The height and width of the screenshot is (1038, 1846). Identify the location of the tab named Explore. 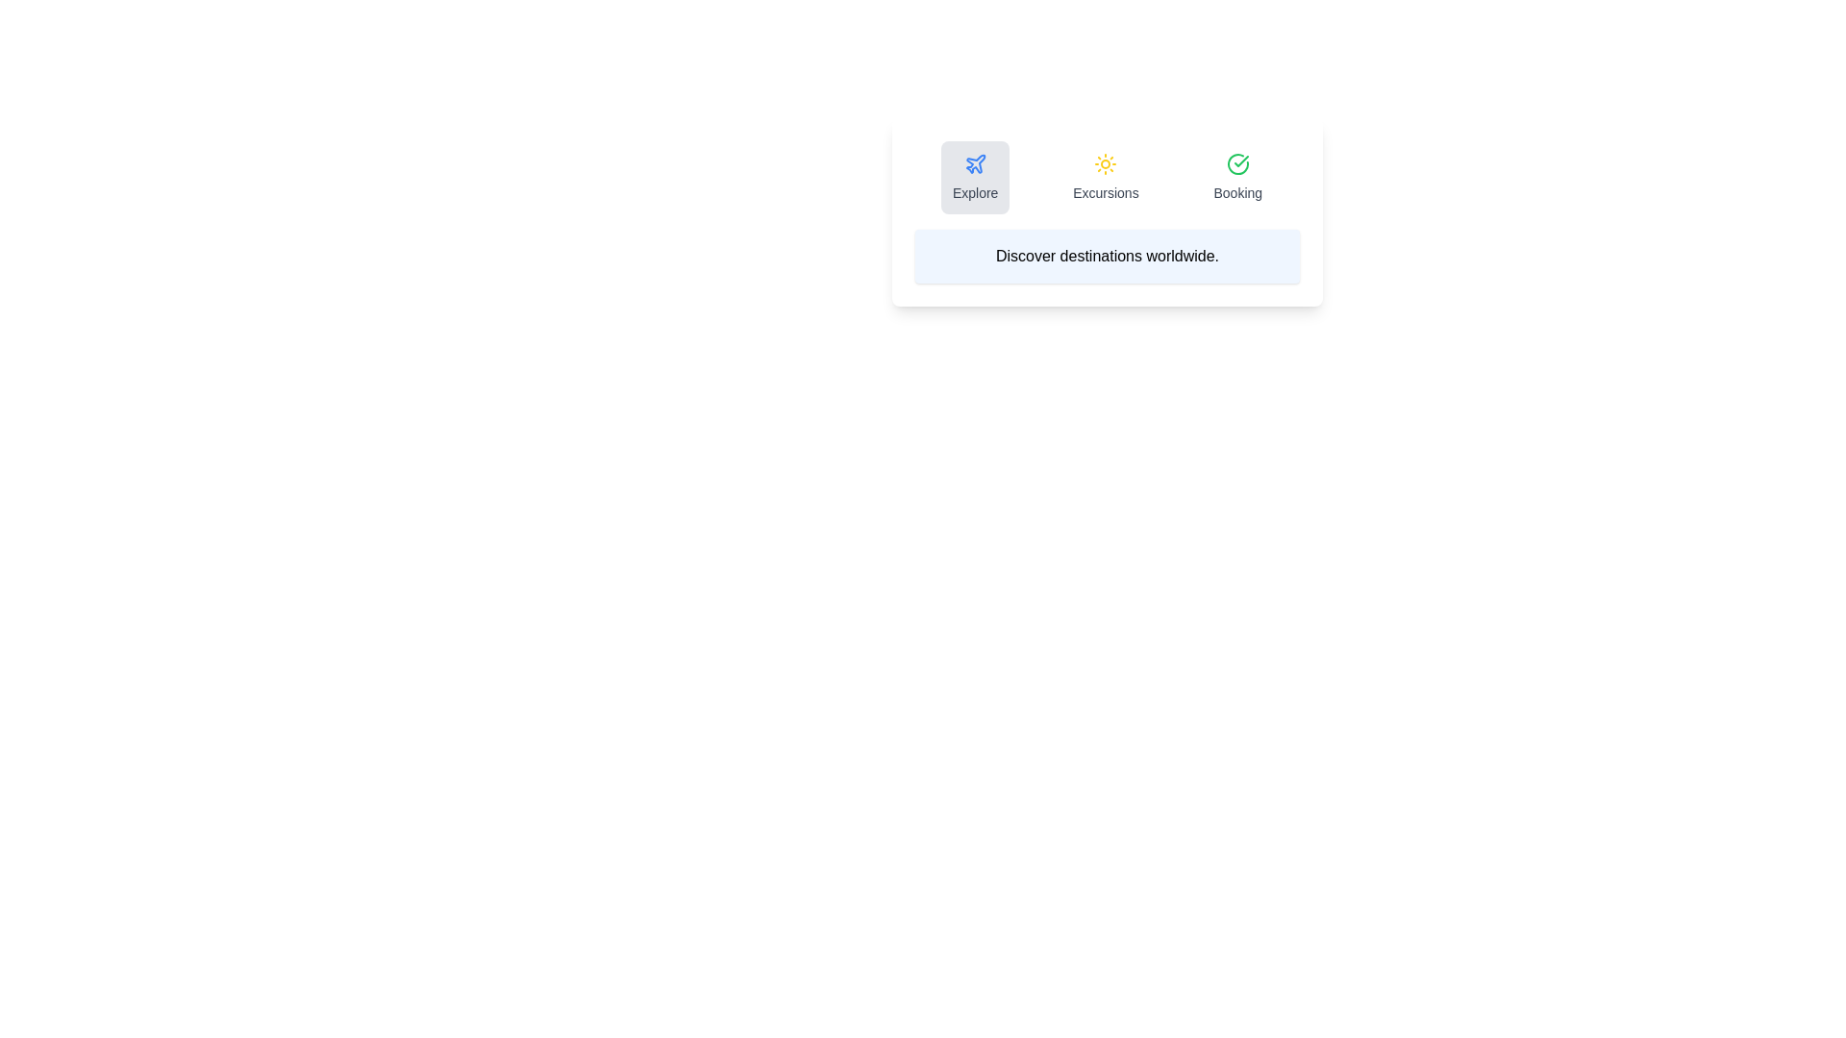
(975, 178).